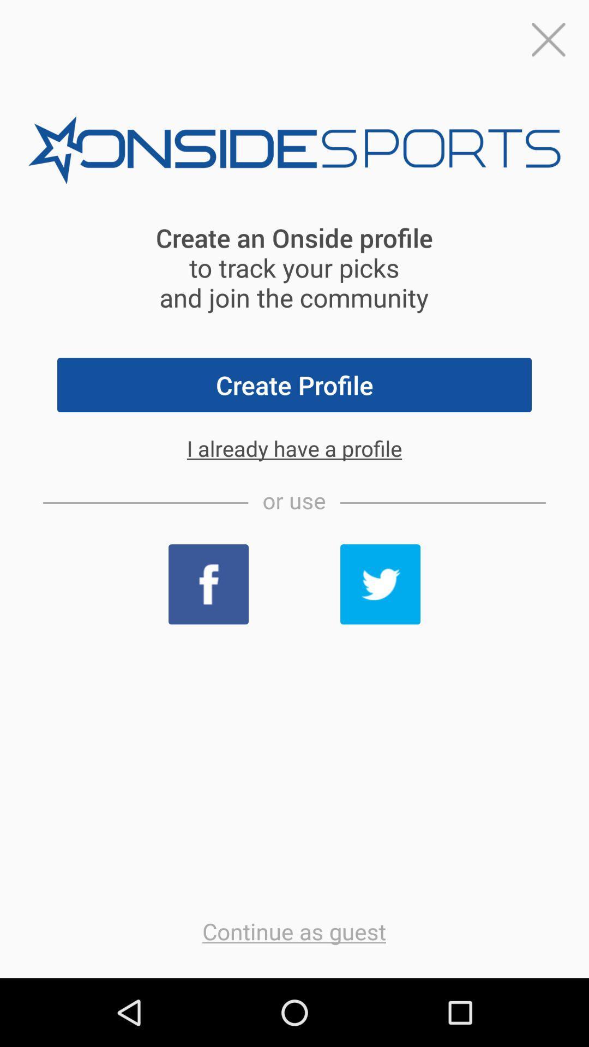 The image size is (589, 1047). Describe the element at coordinates (549, 43) in the screenshot. I see `the close icon` at that location.